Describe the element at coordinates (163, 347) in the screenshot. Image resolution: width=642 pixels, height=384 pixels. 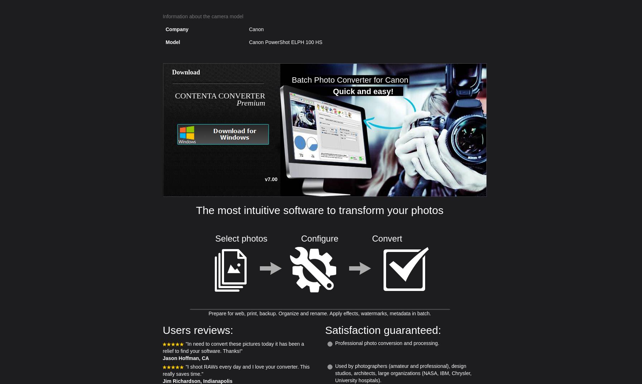
I see `'"In need to convert these pictures today it has been a relief to find your software. Thanks!"'` at that location.